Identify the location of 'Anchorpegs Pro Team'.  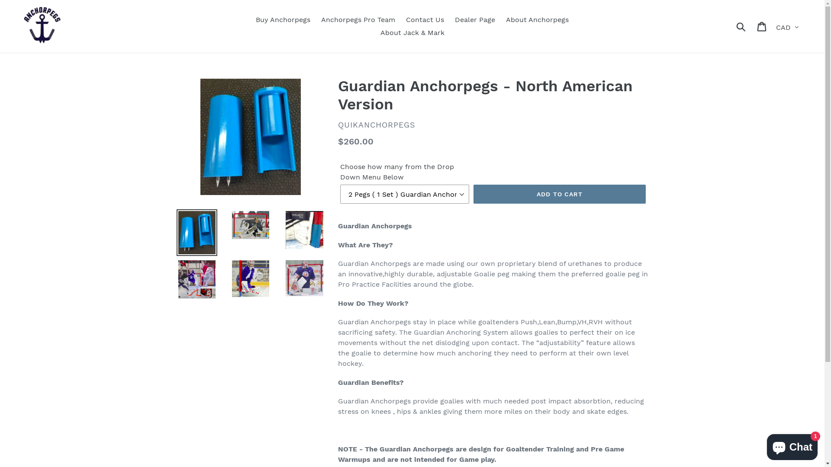
(358, 19).